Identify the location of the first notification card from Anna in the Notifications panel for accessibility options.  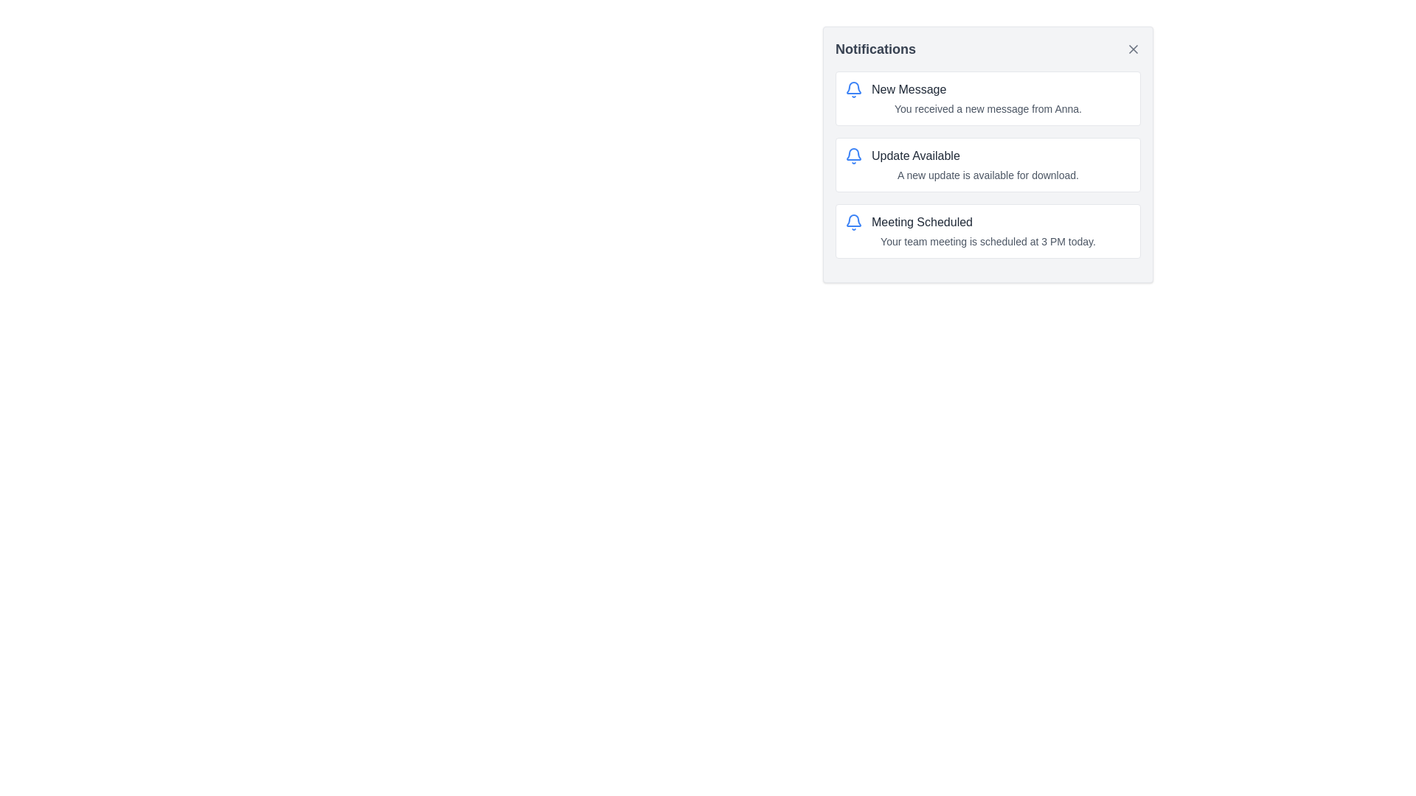
(988, 99).